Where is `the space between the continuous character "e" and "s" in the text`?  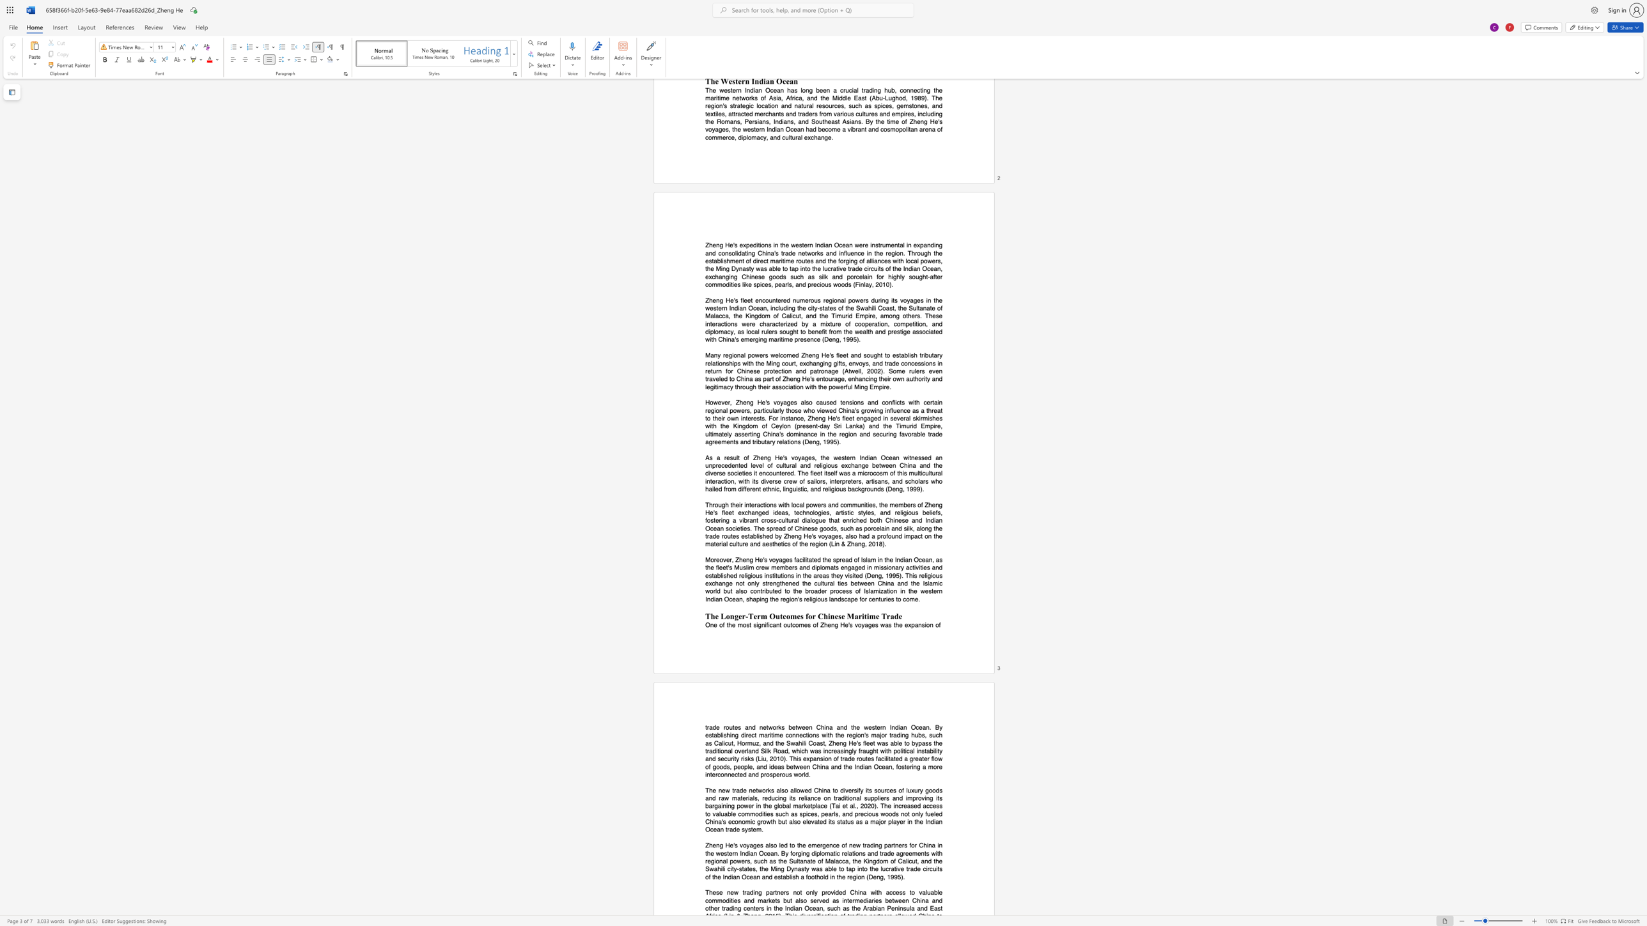
the space between the continuous character "e" and "s" in the text is located at coordinates (744, 536).